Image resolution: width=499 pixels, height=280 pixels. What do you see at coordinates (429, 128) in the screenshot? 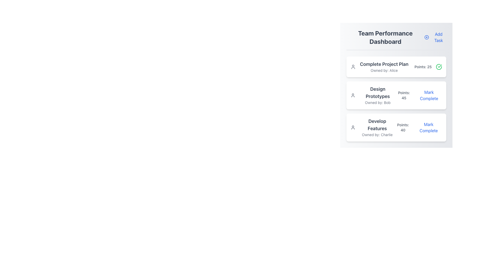
I see `the 'Mark Complete' button styled in blue font, located to the right of the 'Points: 40' text within the task entry for 'Develop Features'` at bounding box center [429, 128].